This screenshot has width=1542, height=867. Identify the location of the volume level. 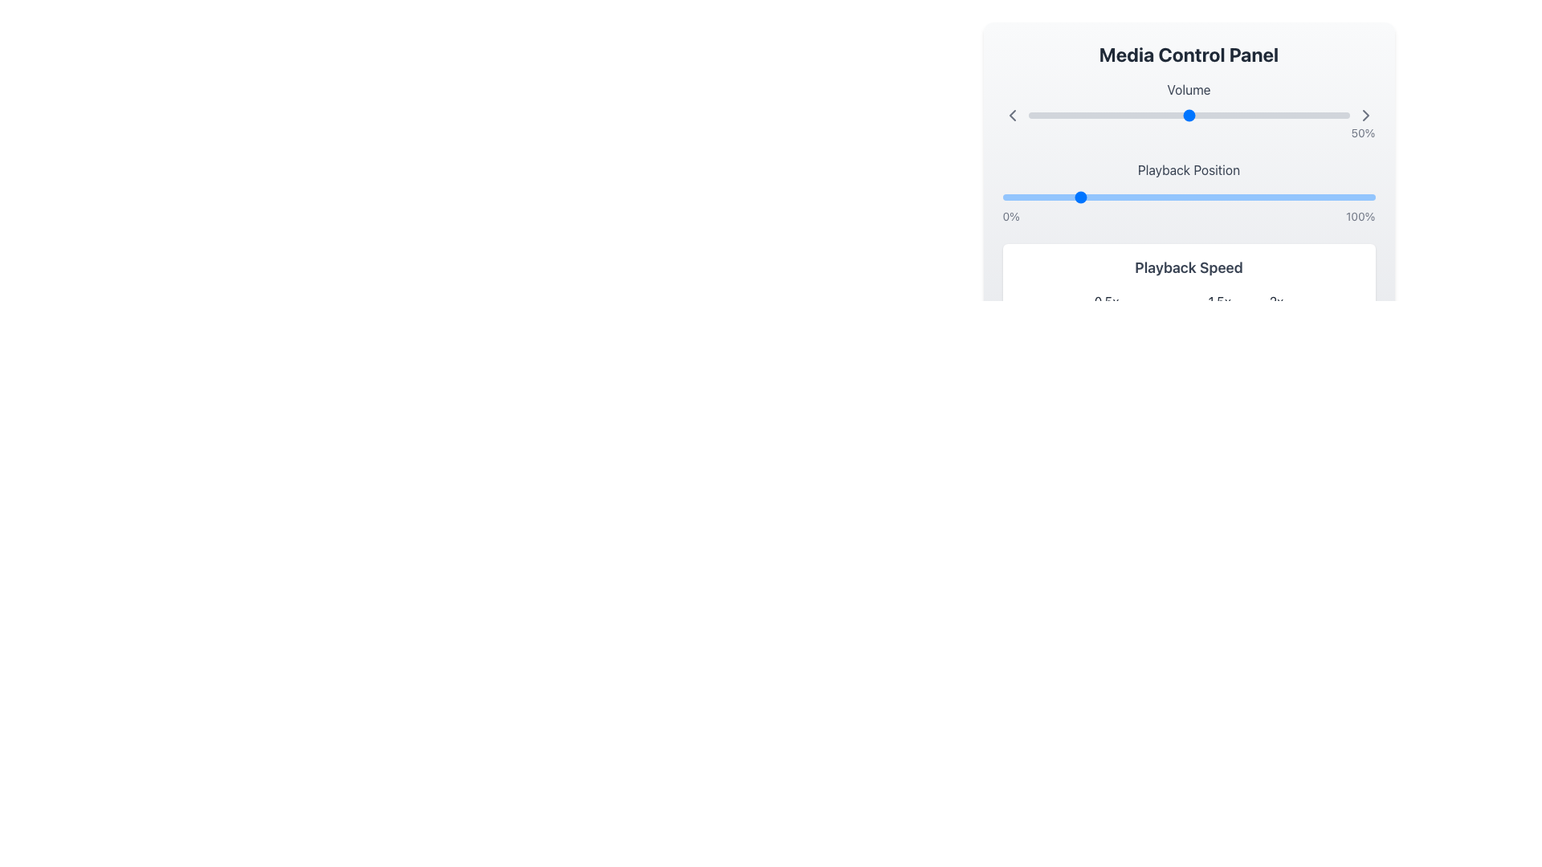
(1236, 114).